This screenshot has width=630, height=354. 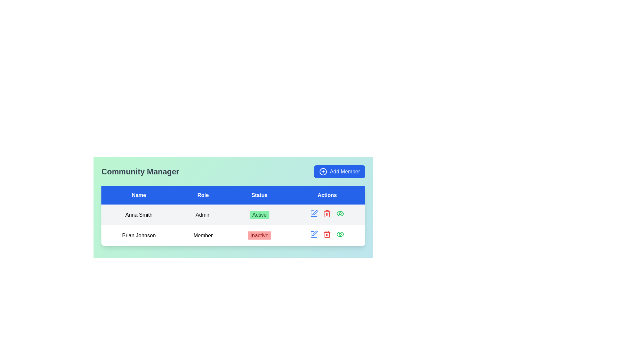 I want to click on the 'Active' label, which is a small rectangular badge with a green background located in the 'Status' column of the 'Community Manager' table for the user 'Anna Smith', so click(x=259, y=215).